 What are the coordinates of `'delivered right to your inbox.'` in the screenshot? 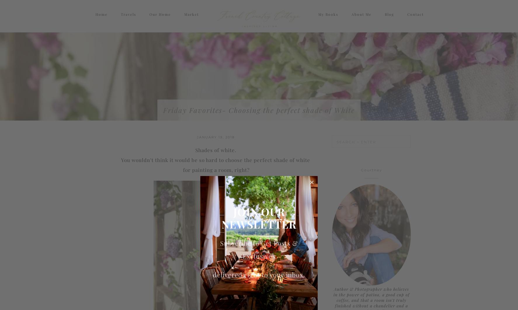 It's located at (259, 274).